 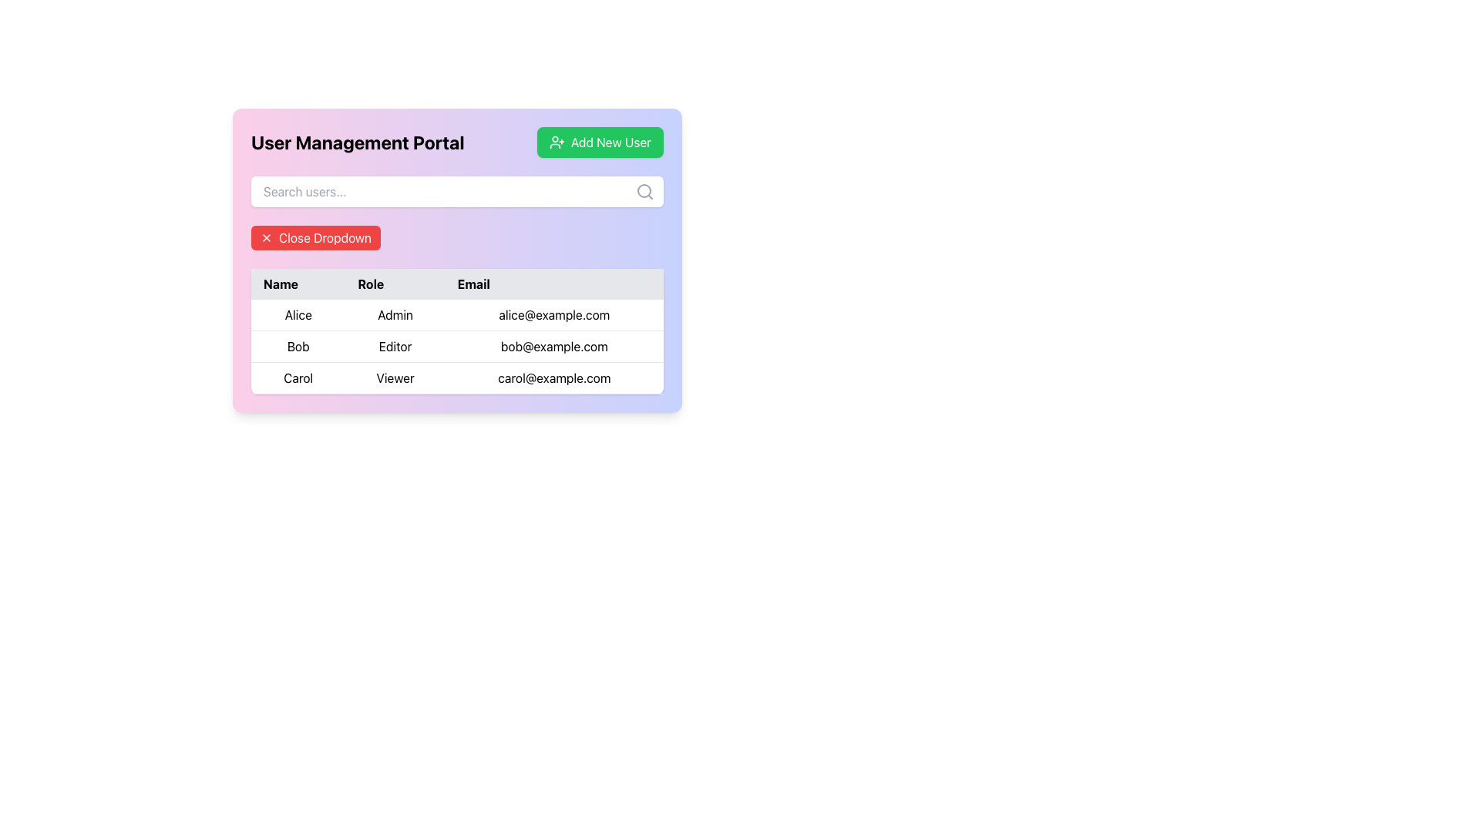 I want to click on the role cell of the third table row, so click(x=456, y=377).